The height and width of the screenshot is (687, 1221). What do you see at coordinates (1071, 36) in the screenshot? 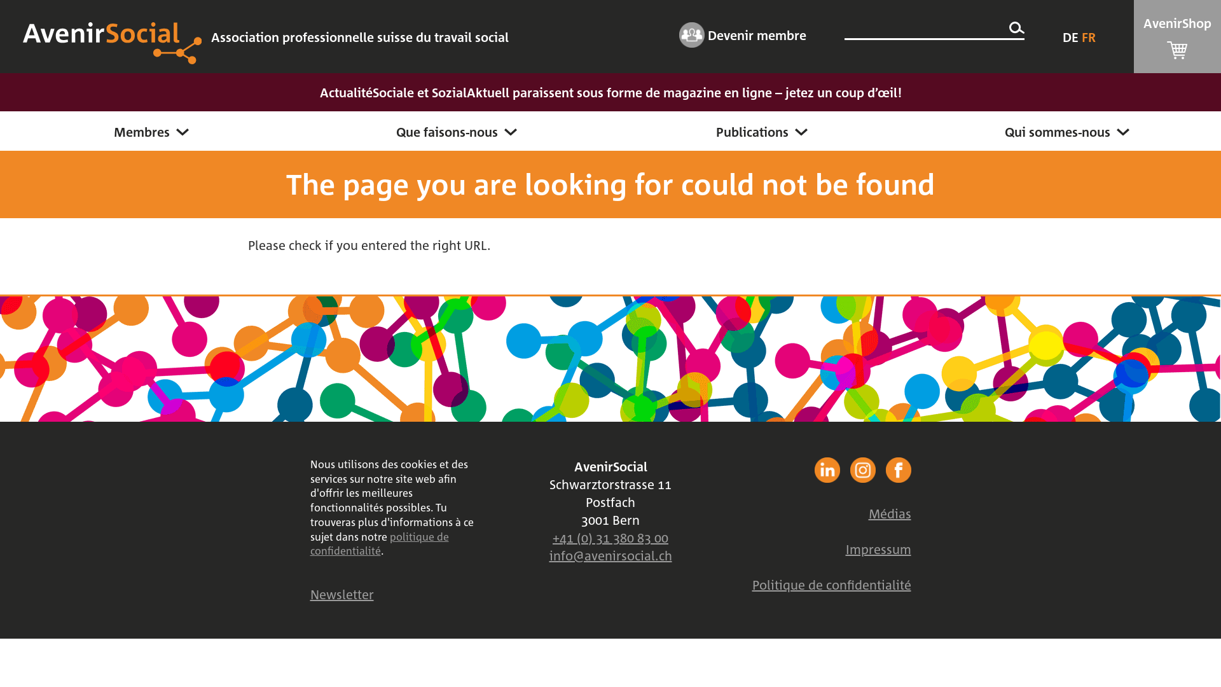
I see `'DE'` at bounding box center [1071, 36].